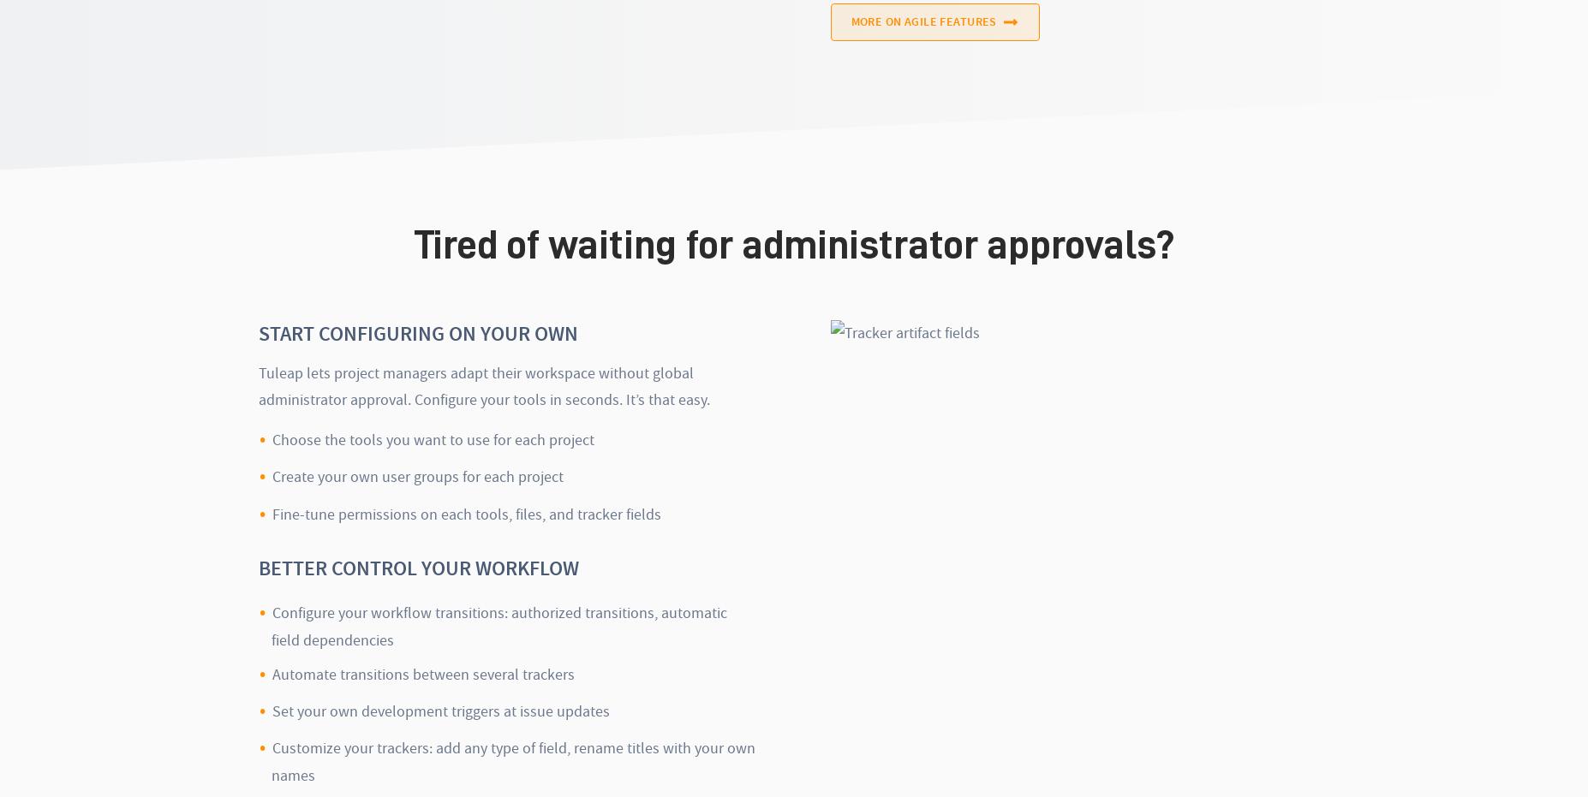  I want to click on 'Set your own development triggers at issue updates', so click(439, 711).